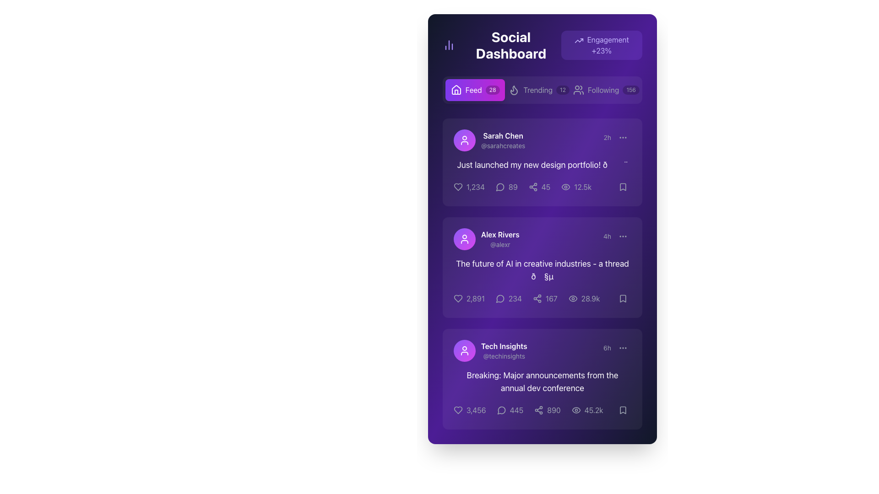 This screenshot has height=494, width=879. Describe the element at coordinates (503, 145) in the screenshot. I see `the text label element '@sarahcreates', which is styled in a smaller gray font and positioned directly below the bold white text 'Sarah Chen' in the user profile block` at that location.